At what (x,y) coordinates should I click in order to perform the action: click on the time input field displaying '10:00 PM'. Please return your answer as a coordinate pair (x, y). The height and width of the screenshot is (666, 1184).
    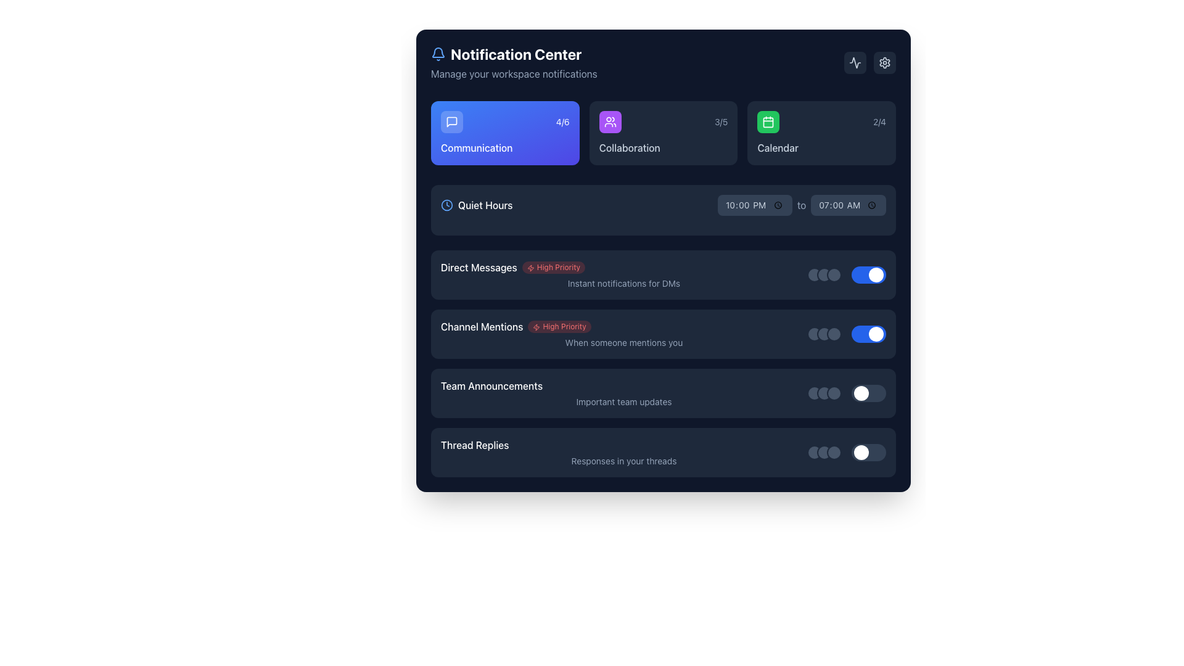
    Looking at the image, I should click on (754, 204).